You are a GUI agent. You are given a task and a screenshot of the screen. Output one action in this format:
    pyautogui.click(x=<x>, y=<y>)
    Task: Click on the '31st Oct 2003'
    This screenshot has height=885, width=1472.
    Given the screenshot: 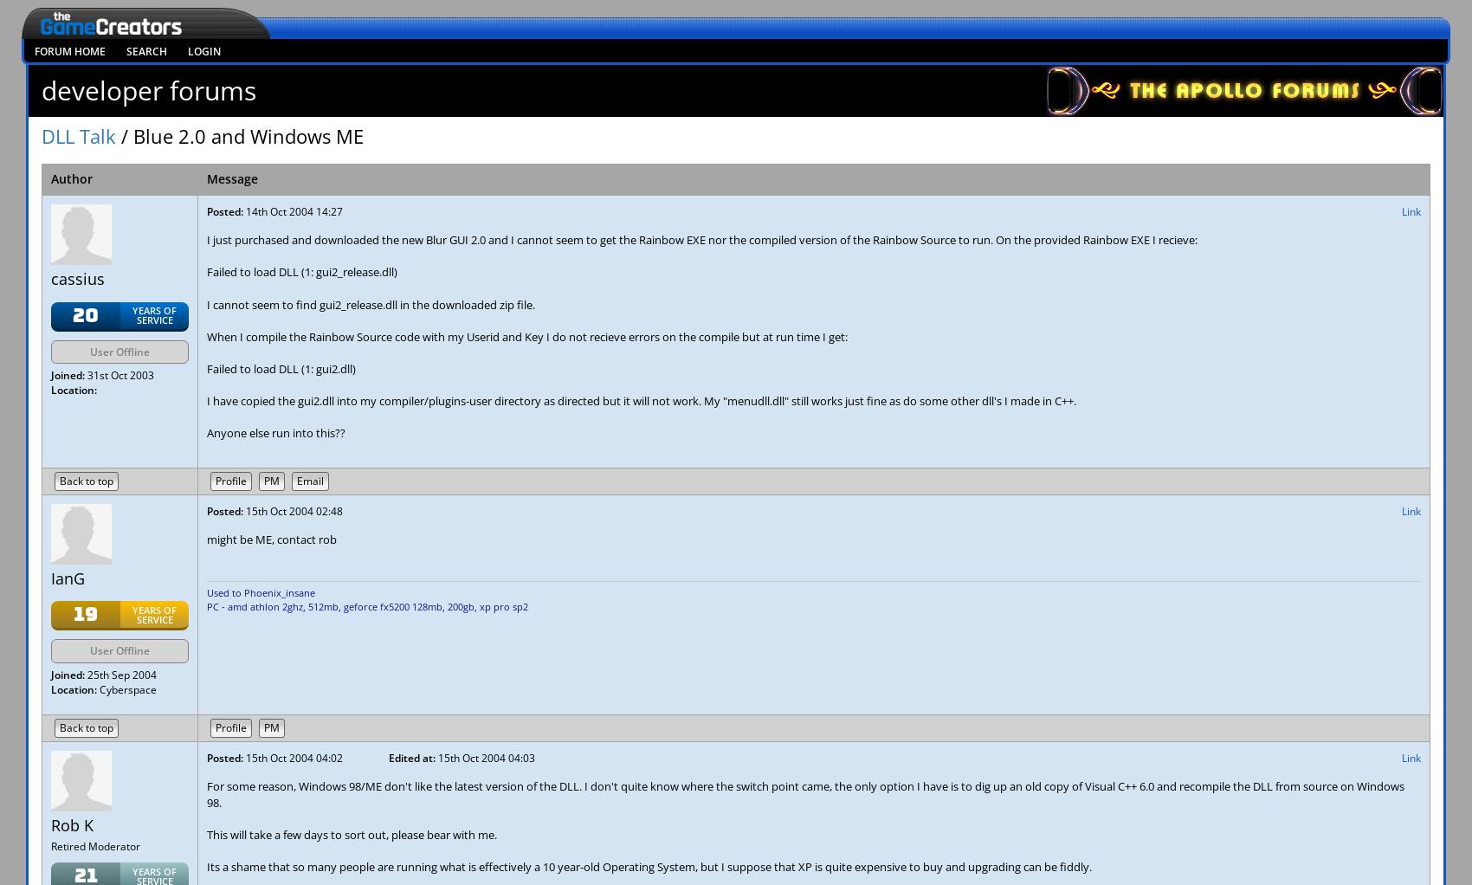 What is the action you would take?
    pyautogui.click(x=119, y=375)
    